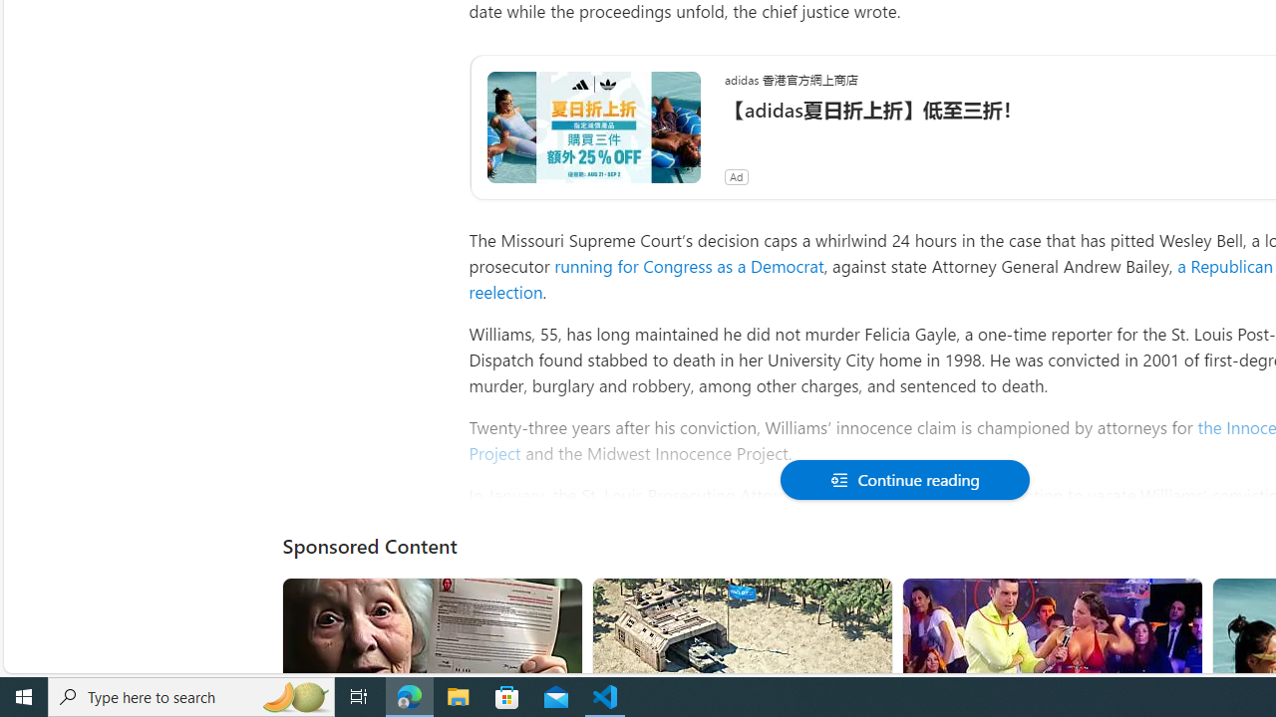 The height and width of the screenshot is (717, 1276). What do you see at coordinates (735, 175) in the screenshot?
I see `'Ad'` at bounding box center [735, 175].